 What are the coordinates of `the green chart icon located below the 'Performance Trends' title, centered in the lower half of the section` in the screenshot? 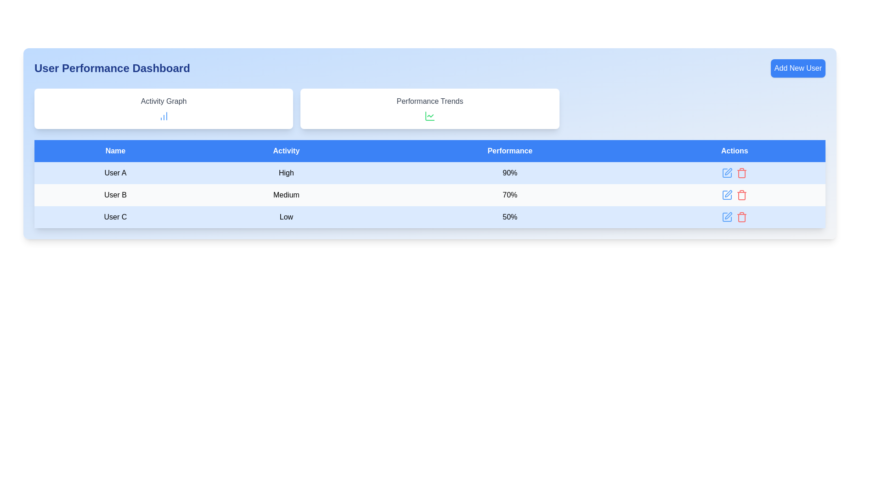 It's located at (430, 116).